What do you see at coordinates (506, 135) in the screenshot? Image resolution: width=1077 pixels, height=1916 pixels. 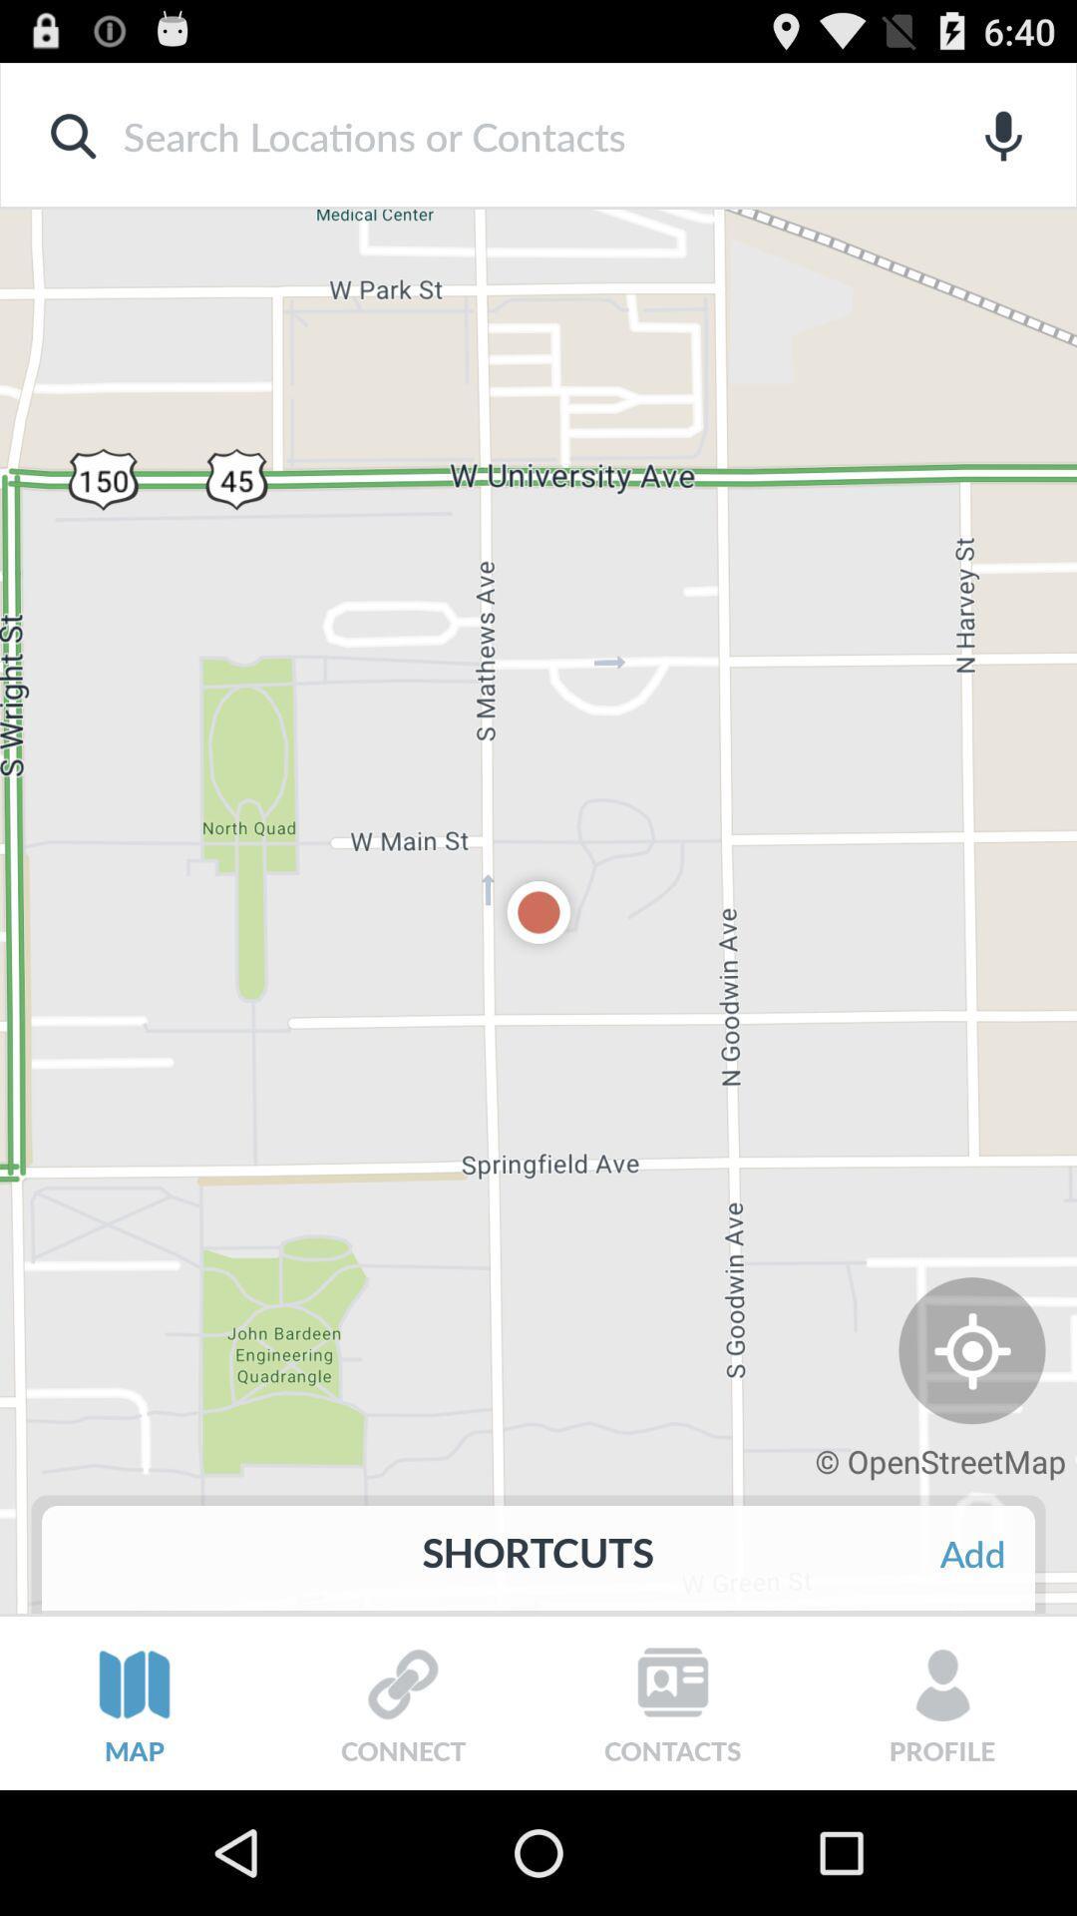 I see `search query` at bounding box center [506, 135].